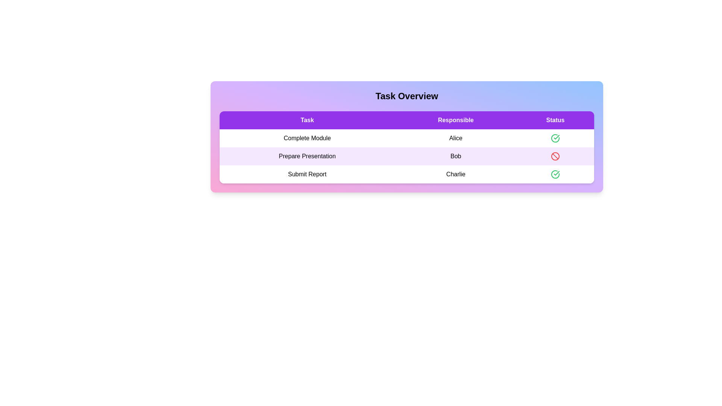 The image size is (722, 406). What do you see at coordinates (455, 156) in the screenshot?
I see `the text label displaying the name of the person responsible for the task 'Prepare Presentation' in the second row of the table under the 'Responsible' column` at bounding box center [455, 156].